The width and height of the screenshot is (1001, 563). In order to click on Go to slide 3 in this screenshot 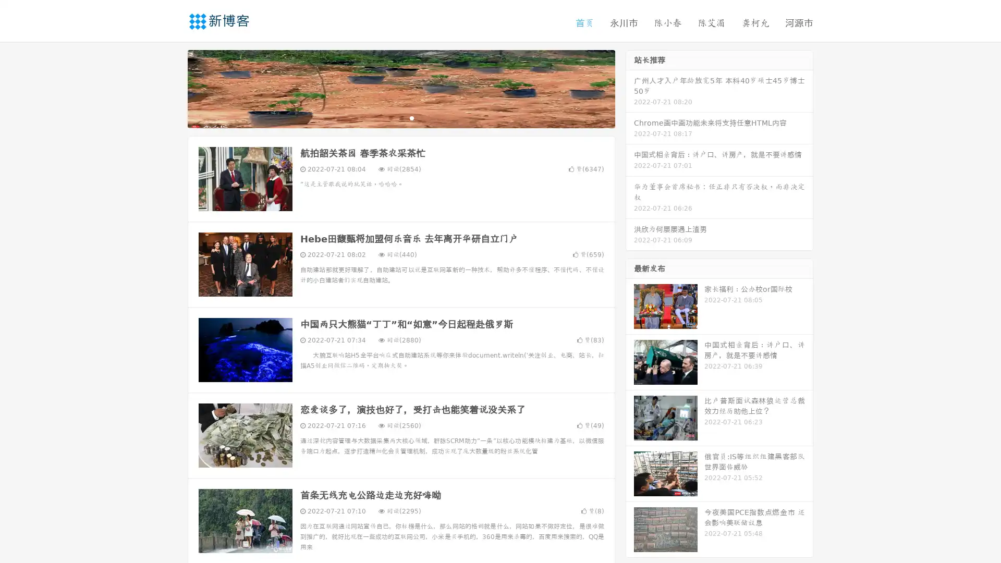, I will do `click(411, 117)`.